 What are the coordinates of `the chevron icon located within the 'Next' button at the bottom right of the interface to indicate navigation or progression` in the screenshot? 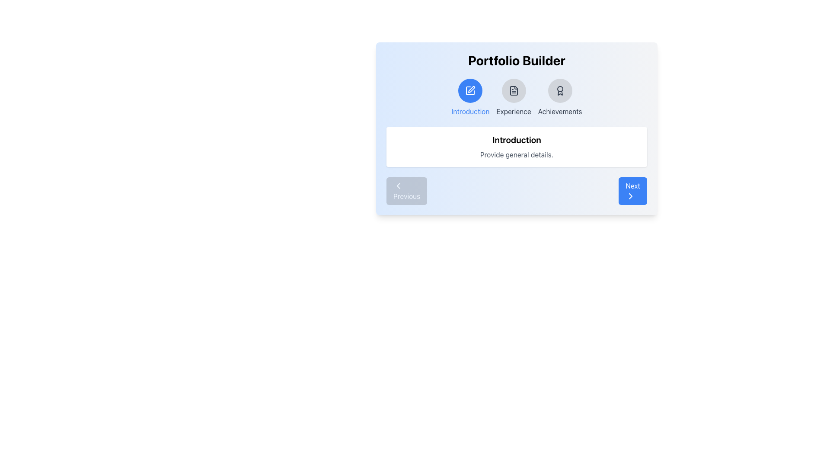 It's located at (631, 196).